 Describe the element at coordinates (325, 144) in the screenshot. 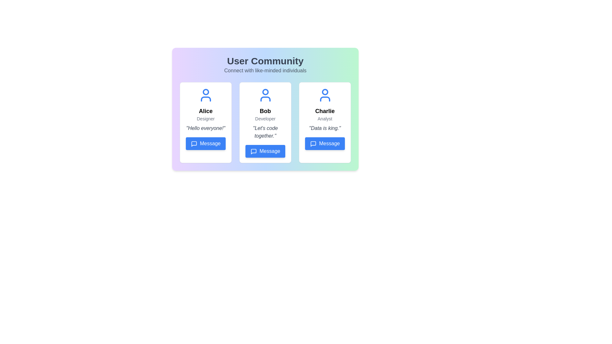

I see `the button with rounded corners, blue background, and white text reading 'Message' to initiate a message` at that location.